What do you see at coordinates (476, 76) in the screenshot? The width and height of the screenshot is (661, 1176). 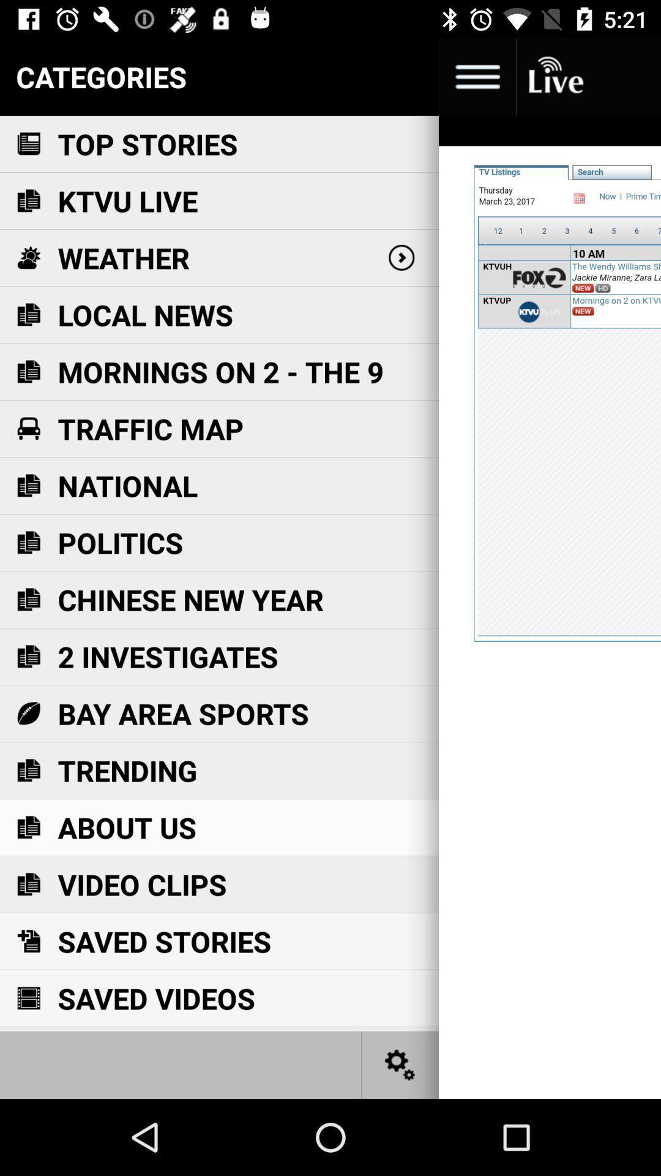 I see `open men` at bounding box center [476, 76].